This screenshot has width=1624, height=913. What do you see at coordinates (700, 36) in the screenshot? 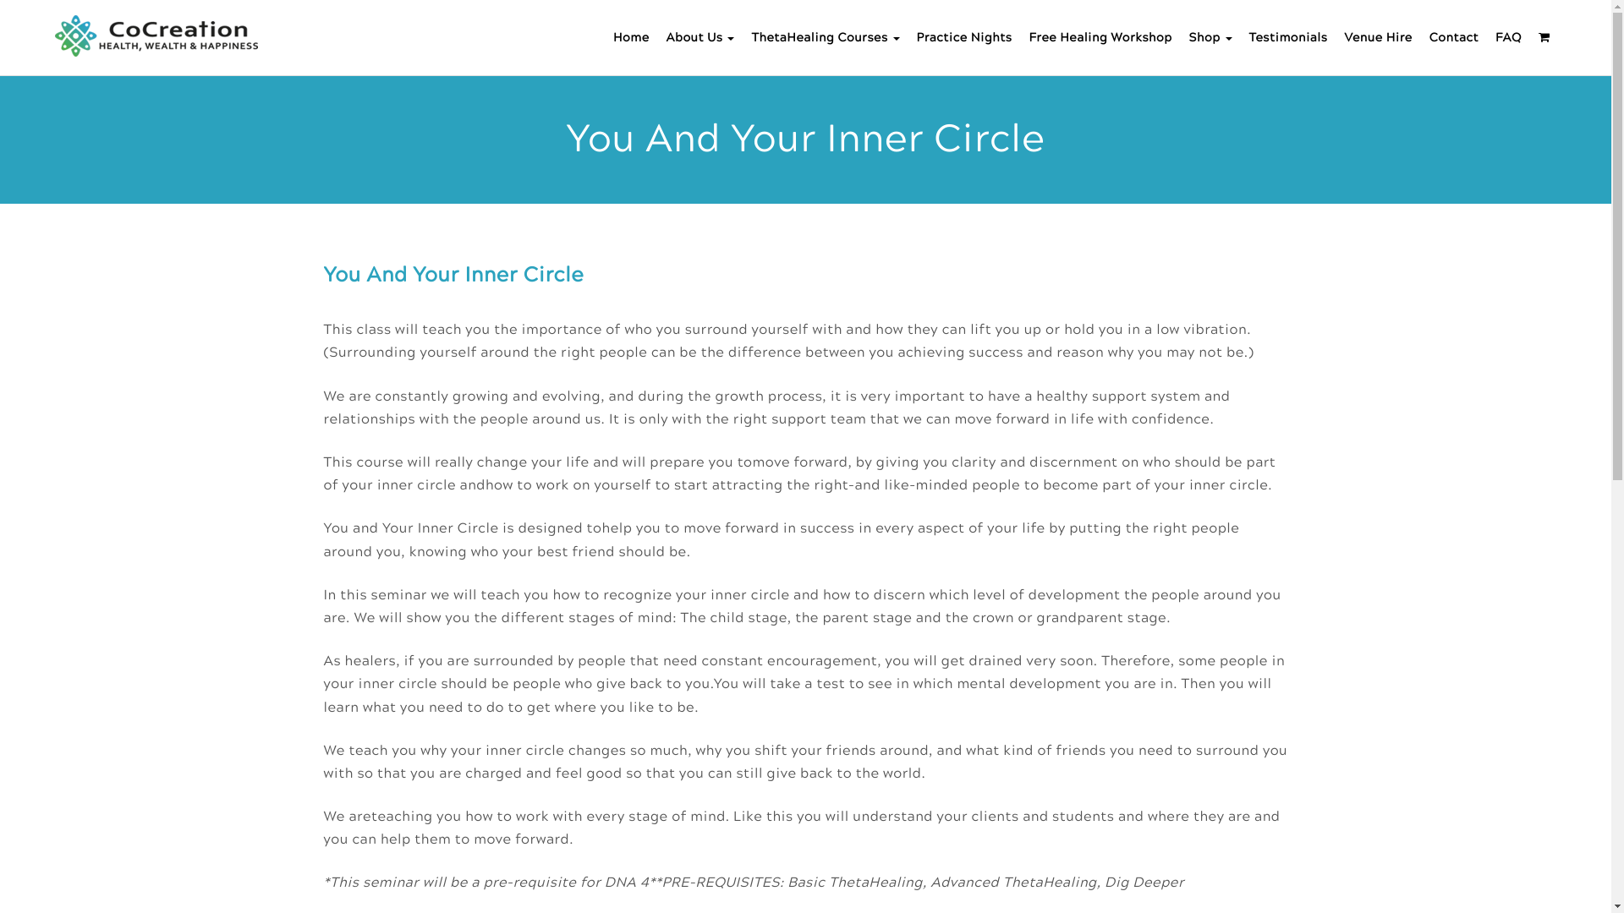
I see `'About Us'` at bounding box center [700, 36].